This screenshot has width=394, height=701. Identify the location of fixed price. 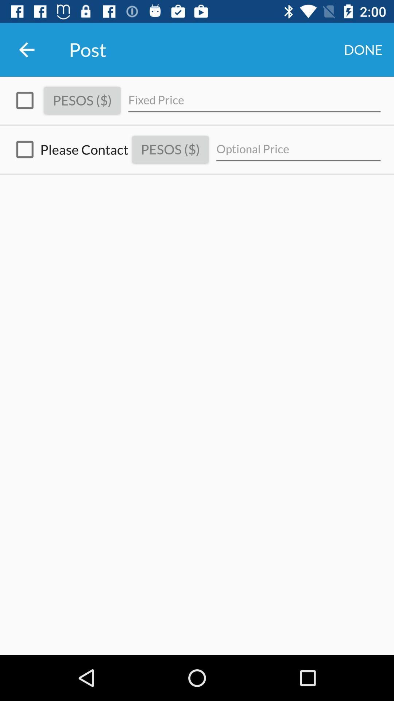
(254, 100).